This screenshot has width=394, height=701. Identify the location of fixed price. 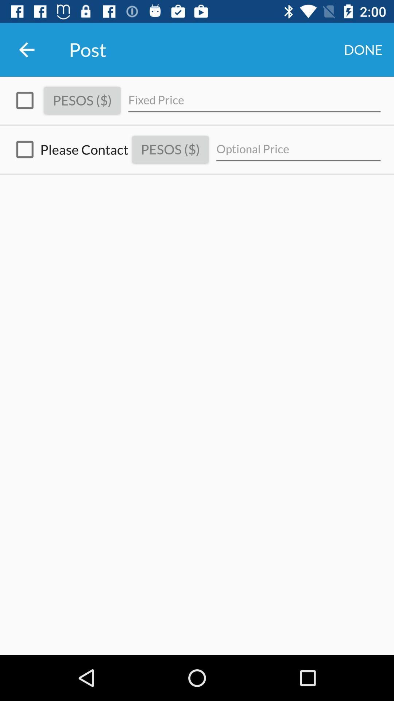
(254, 100).